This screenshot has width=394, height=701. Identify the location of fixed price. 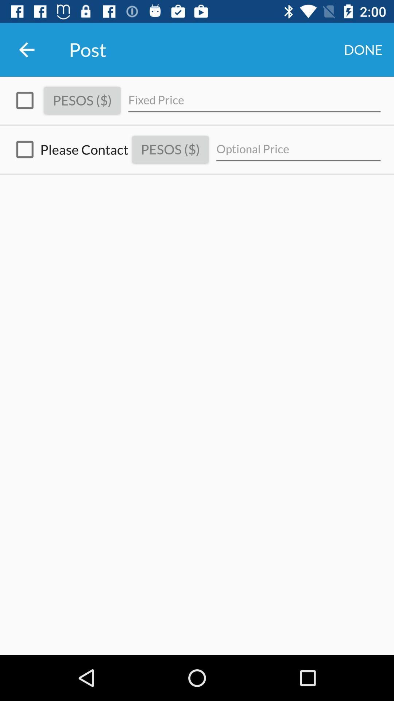
(254, 100).